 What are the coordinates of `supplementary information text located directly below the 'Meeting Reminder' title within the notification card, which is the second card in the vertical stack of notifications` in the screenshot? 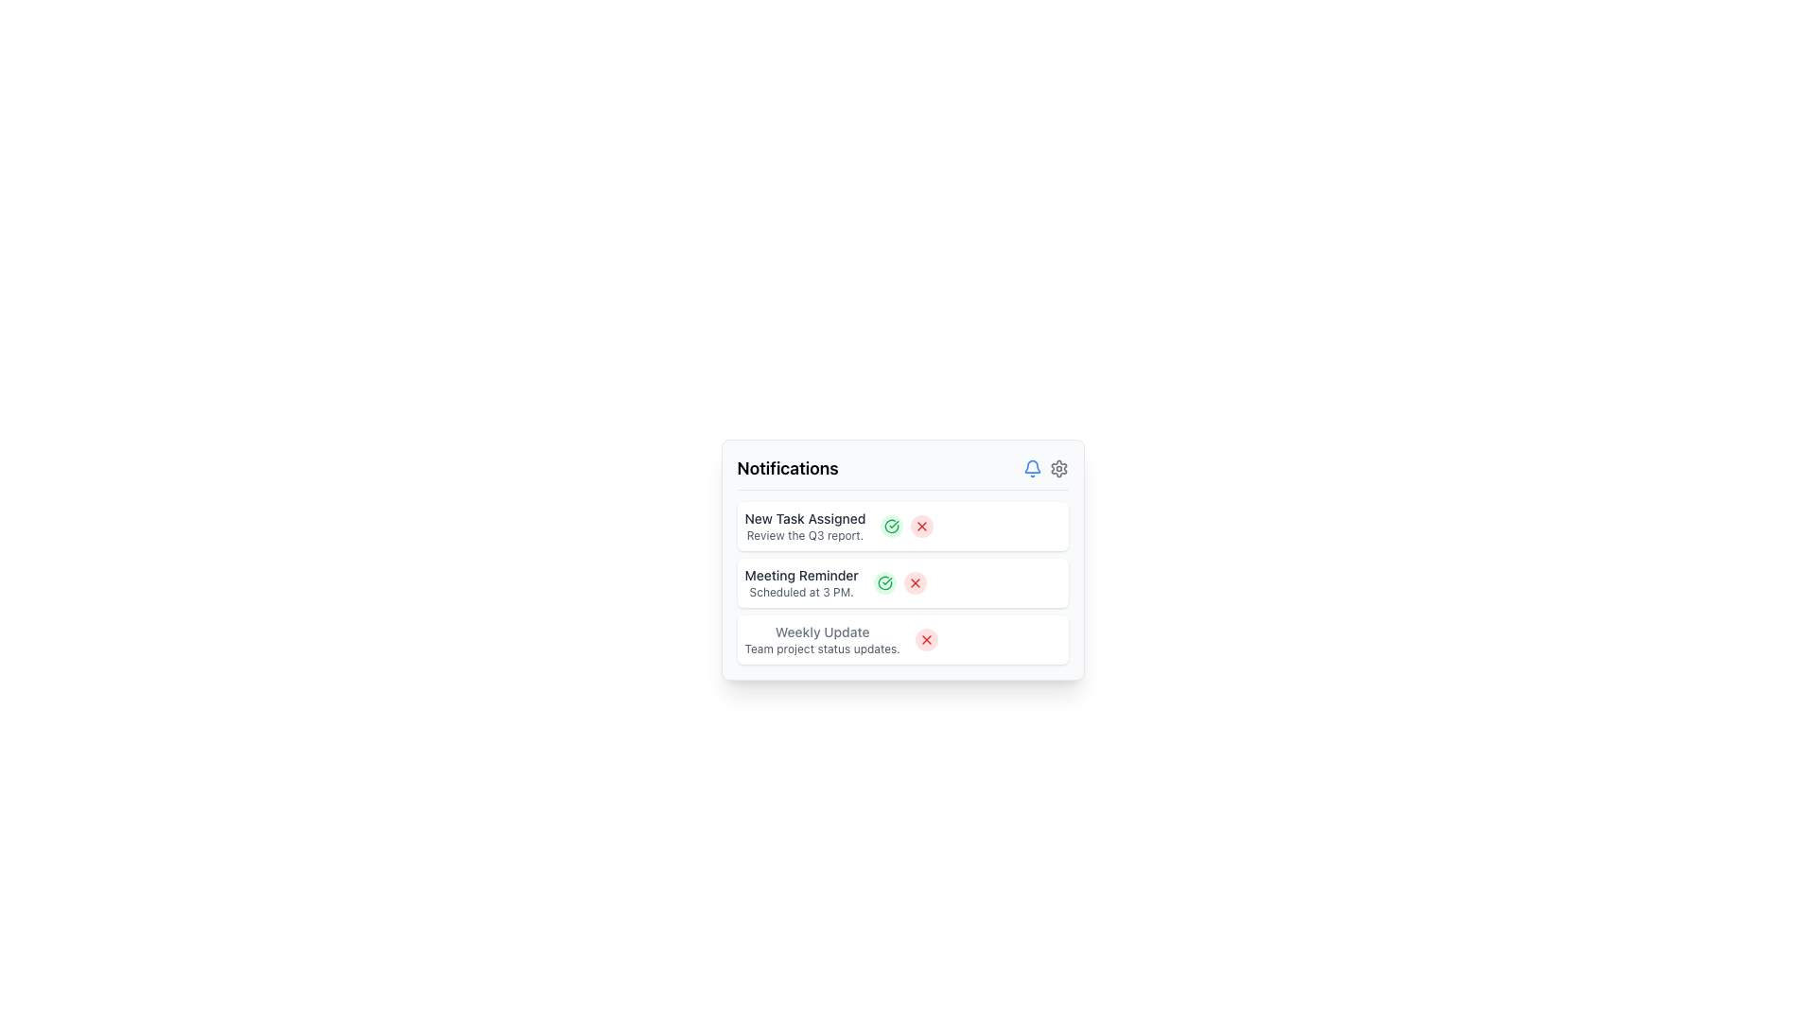 It's located at (801, 592).